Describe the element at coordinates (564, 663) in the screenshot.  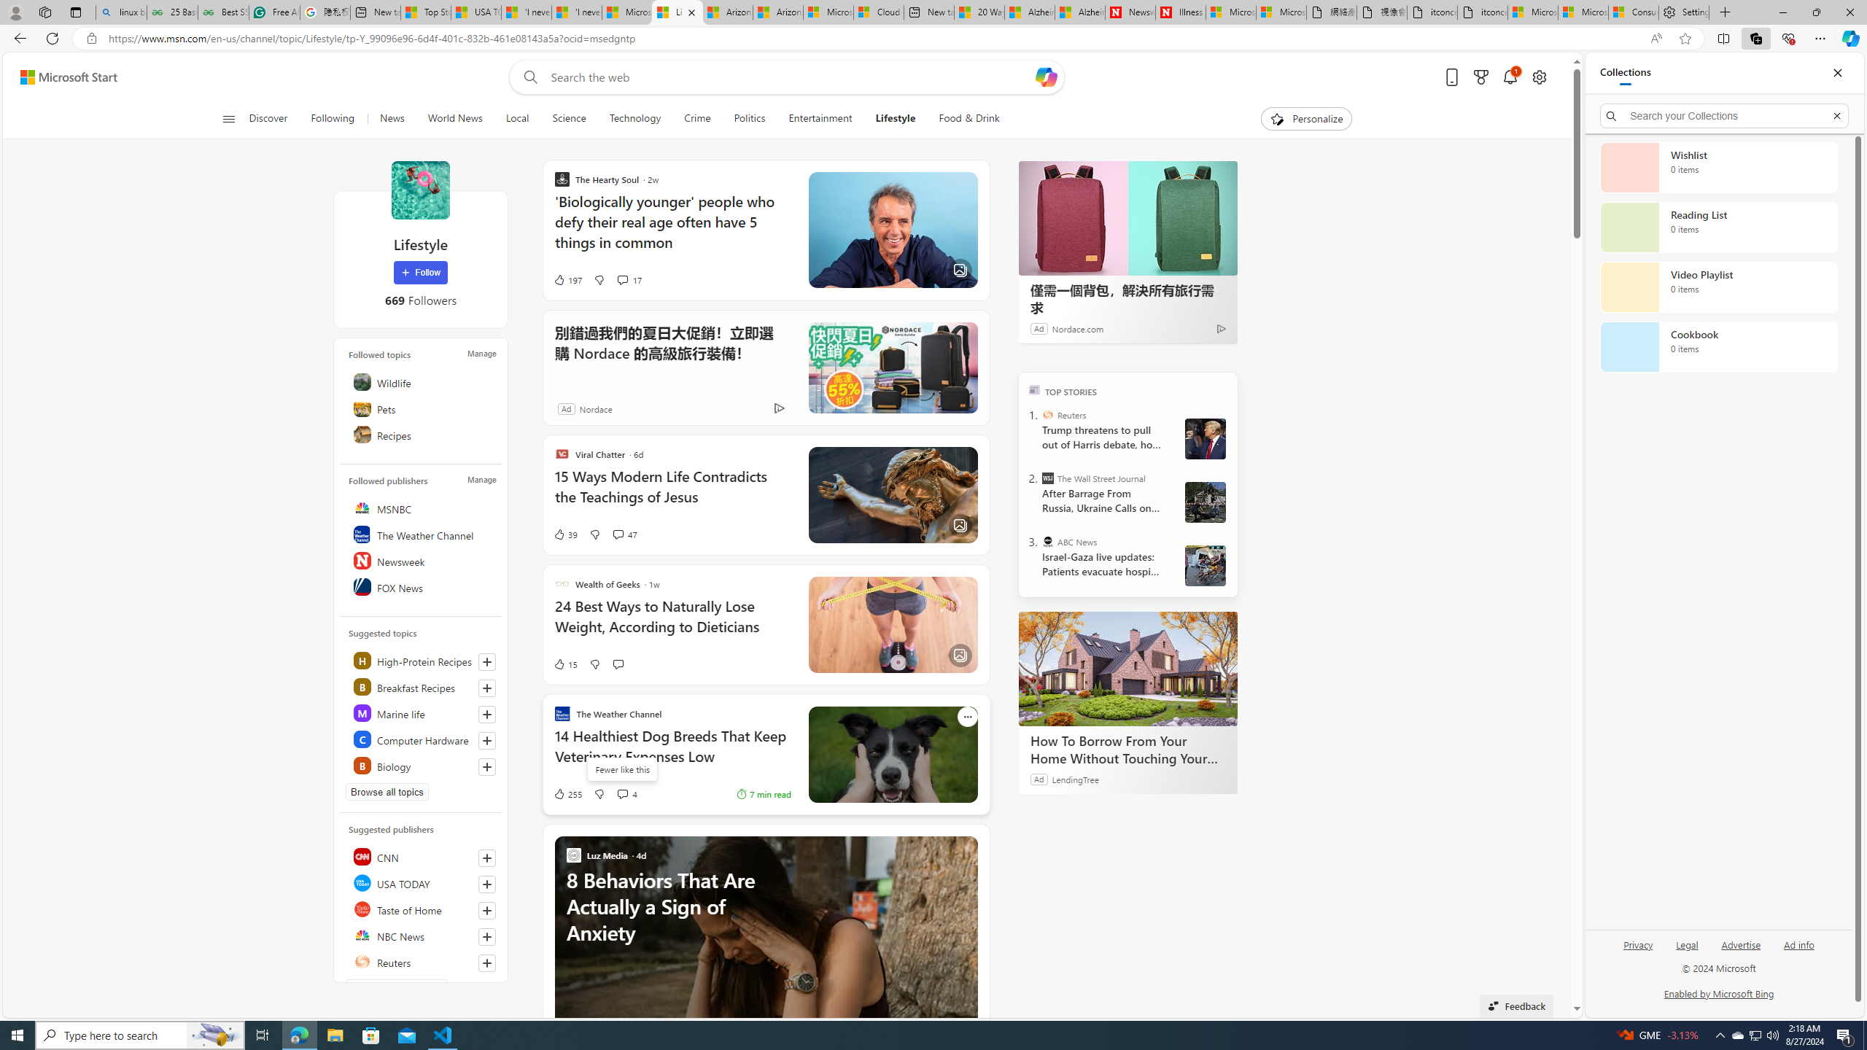
I see `'15 Like'` at that location.